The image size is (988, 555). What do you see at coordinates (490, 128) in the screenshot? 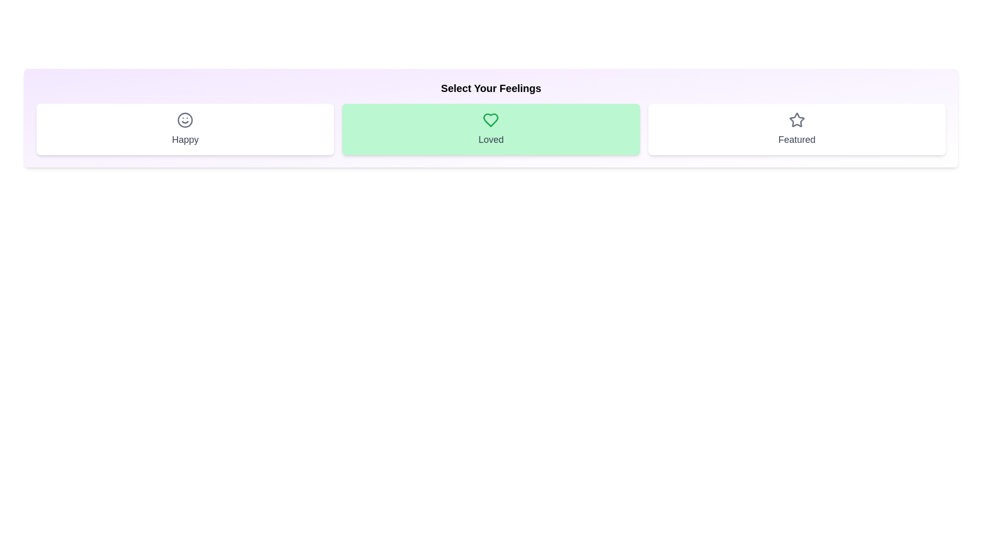
I see `the chip labeled Loved` at bounding box center [490, 128].